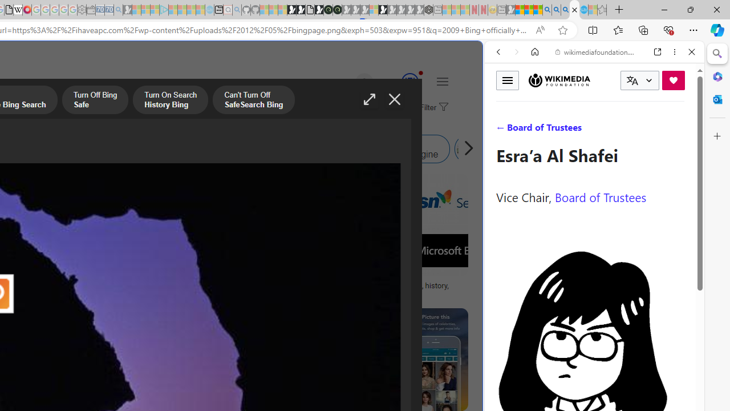  What do you see at coordinates (501, 10) in the screenshot?
I see `'New tab - Sleeping'` at bounding box center [501, 10].